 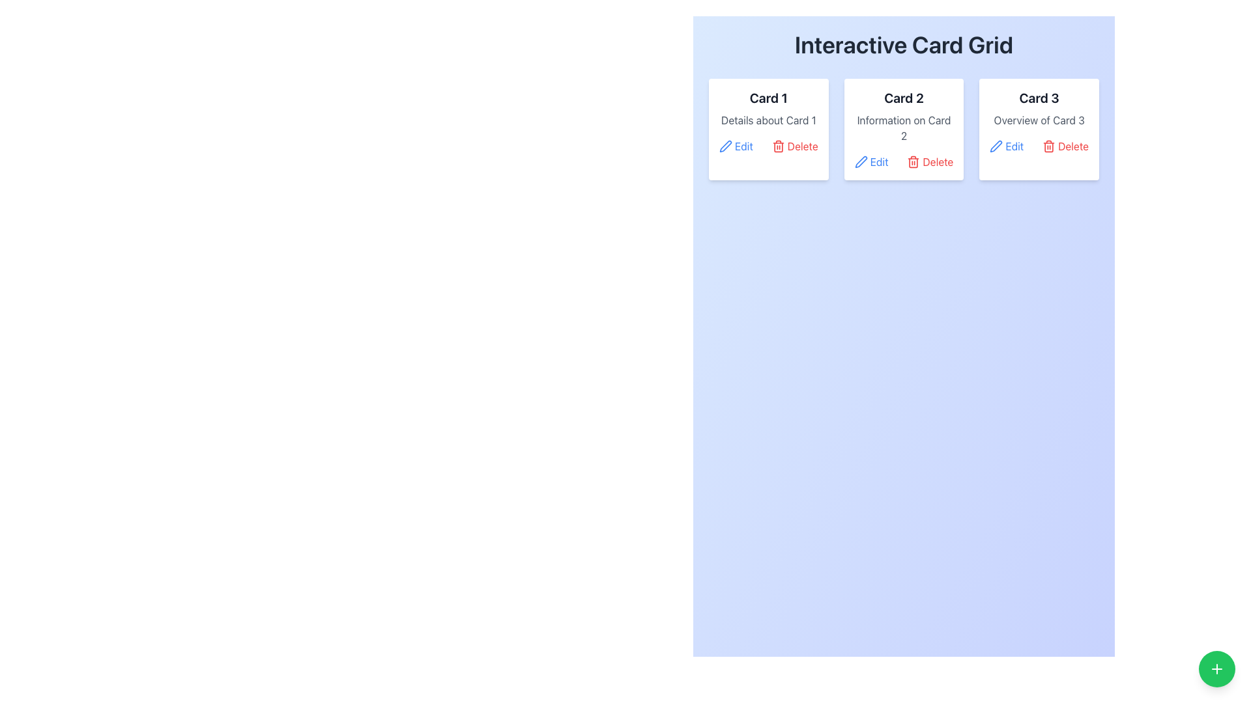 I want to click on the 'Edit' text label styled in blue font color, located below the 'Card 1' title and description, so click(x=744, y=146).